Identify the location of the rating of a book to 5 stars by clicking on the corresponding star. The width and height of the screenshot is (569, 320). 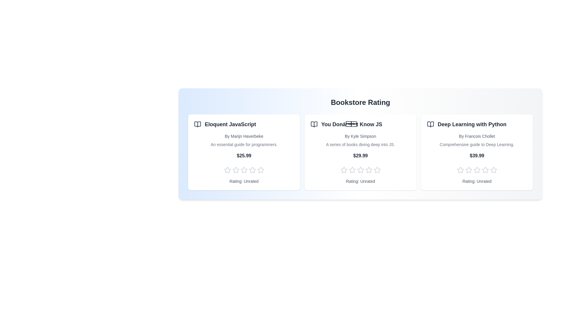
(260, 170).